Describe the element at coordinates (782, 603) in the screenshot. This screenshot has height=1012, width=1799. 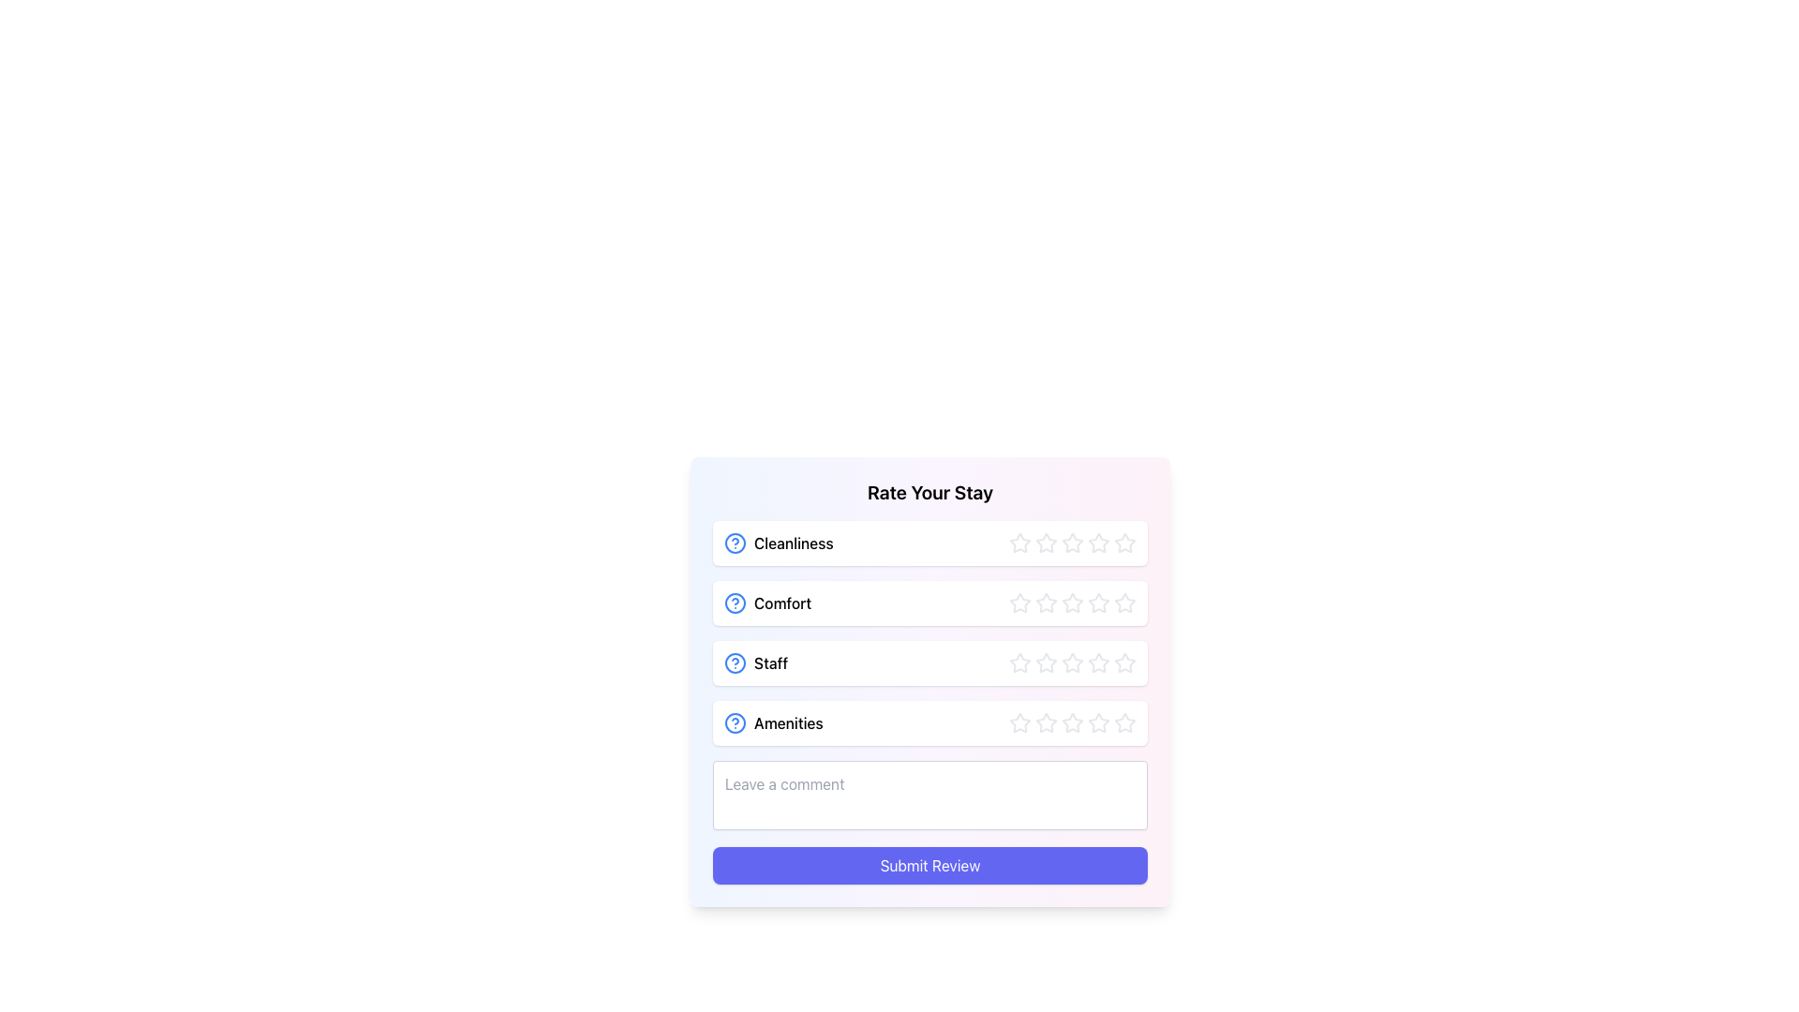
I see `the 'Comfort' text label, which indicates the rating criteria for 'Comfort' and is located below 'Cleanliness' and above 'Staff' in the 'Rate Your Stay' card layout` at that location.